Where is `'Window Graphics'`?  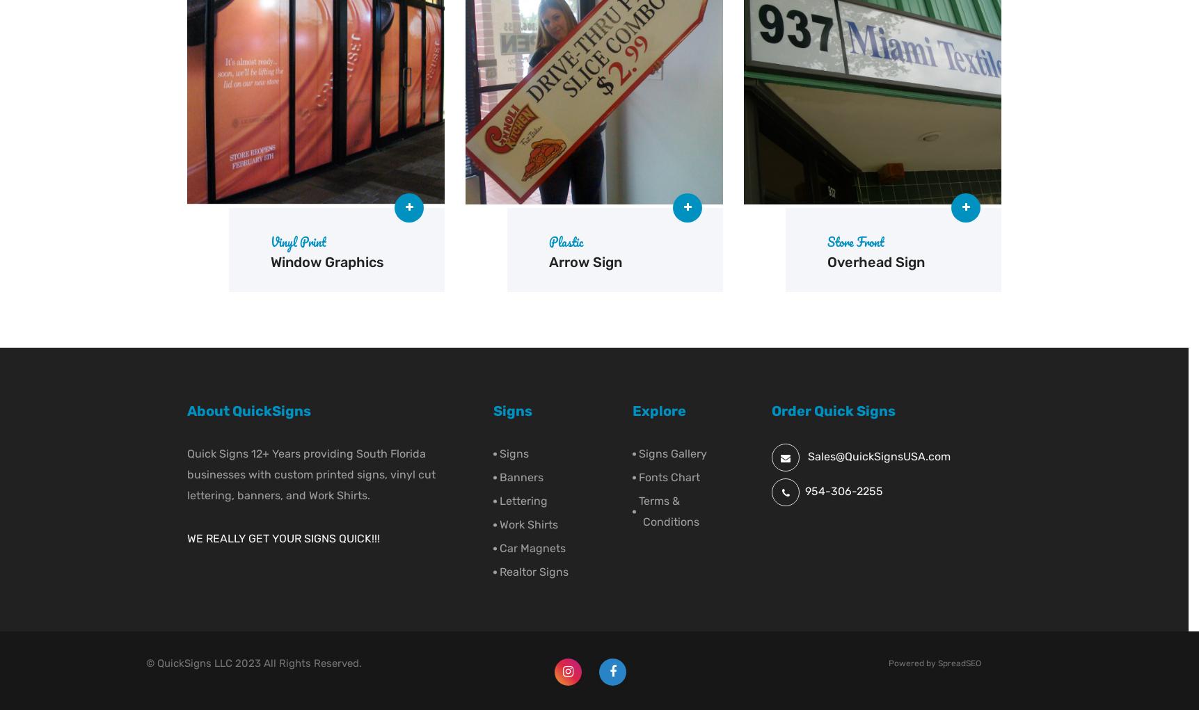
'Window Graphics' is located at coordinates (326, 261).